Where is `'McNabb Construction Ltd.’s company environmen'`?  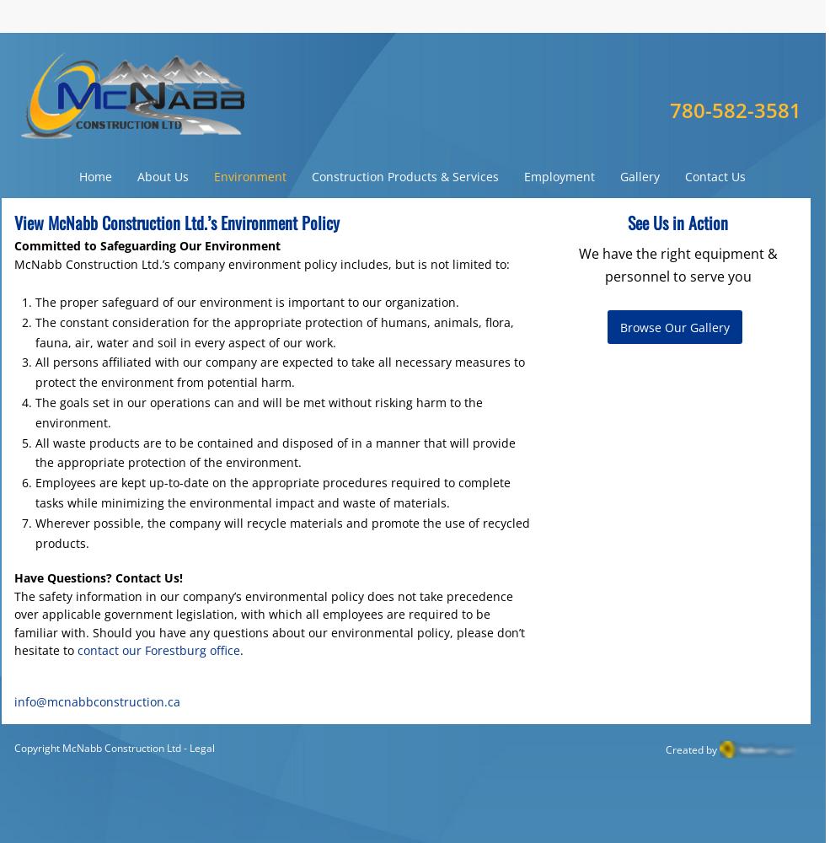 'McNabb Construction Ltd.’s company environmen' is located at coordinates (155, 263).